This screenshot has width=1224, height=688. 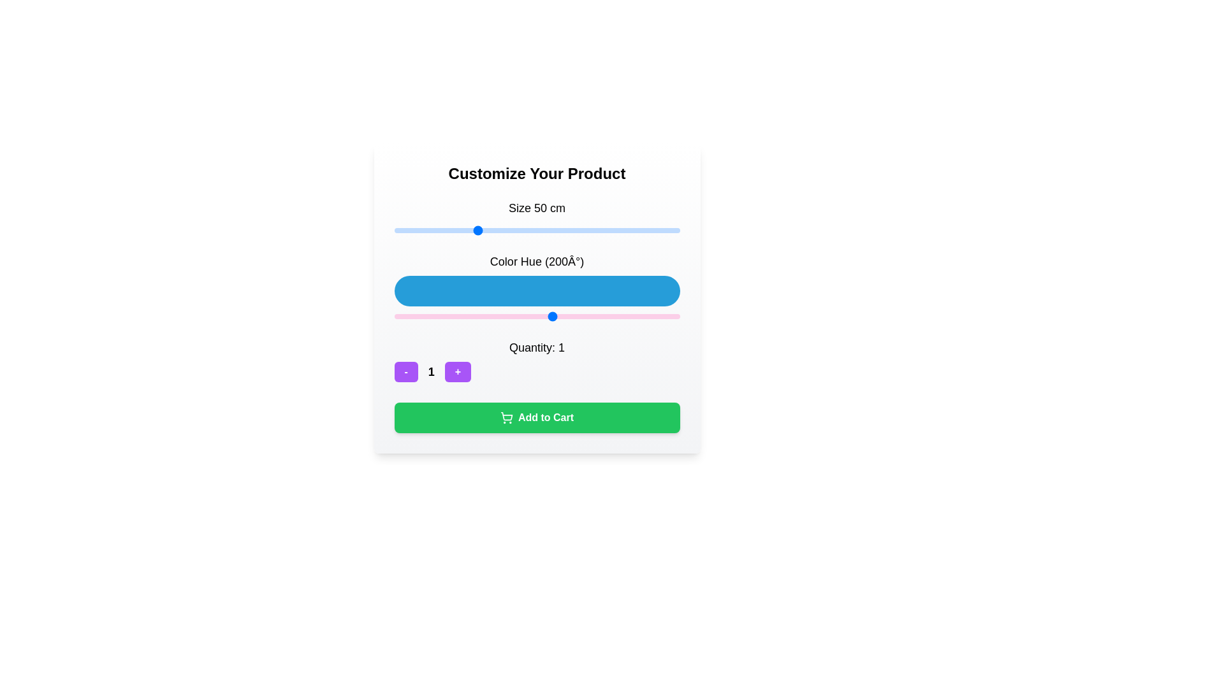 I want to click on the color hue slider, so click(x=408, y=316).